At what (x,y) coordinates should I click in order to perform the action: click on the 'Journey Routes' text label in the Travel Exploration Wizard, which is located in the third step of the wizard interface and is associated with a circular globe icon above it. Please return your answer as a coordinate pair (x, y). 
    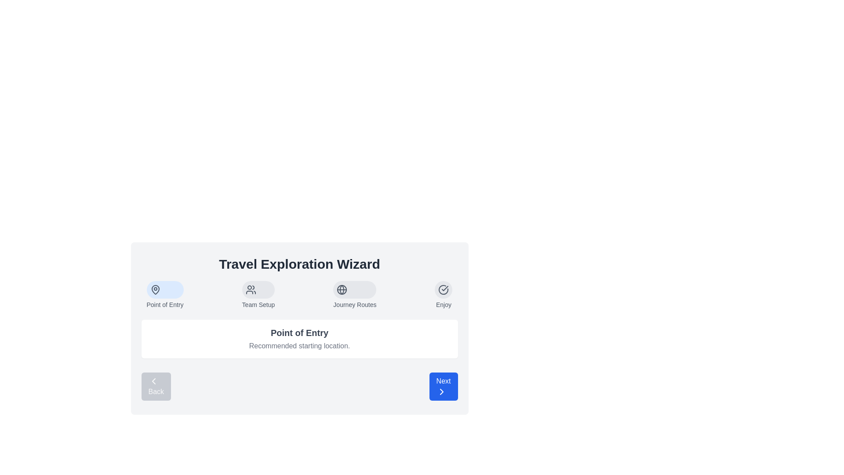
    Looking at the image, I should click on (355, 304).